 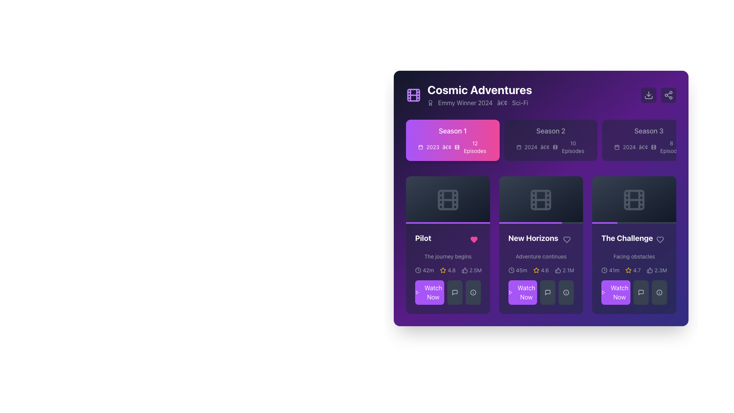 I want to click on the five-pointed star icon located in the ratings section of the 'New Horizons' episode description card, which is visually below the 'New Horizons' title and next to a numeric rating value, so click(x=536, y=270).